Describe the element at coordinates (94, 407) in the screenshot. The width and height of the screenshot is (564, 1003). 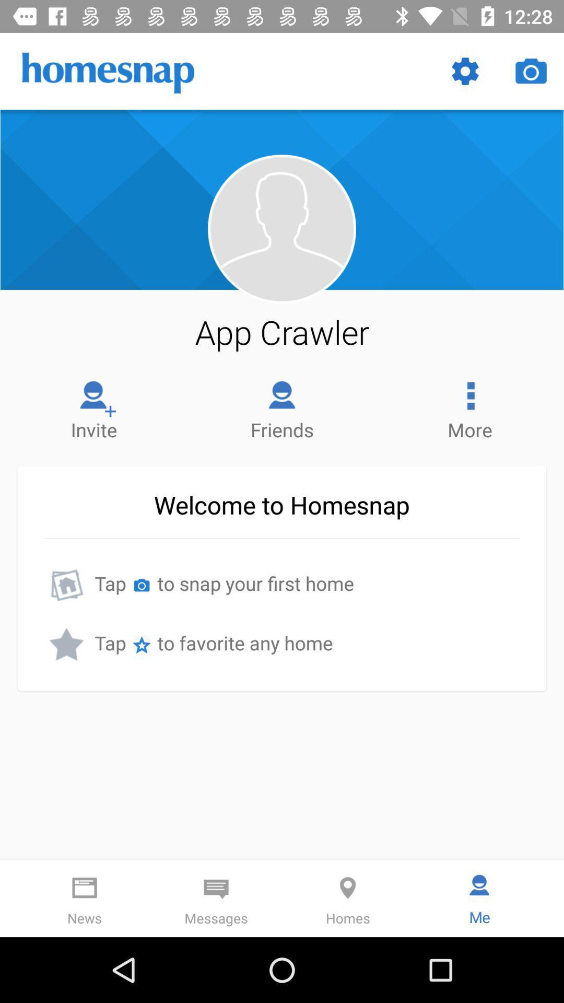
I see `the item above the welcome to homesnap item` at that location.